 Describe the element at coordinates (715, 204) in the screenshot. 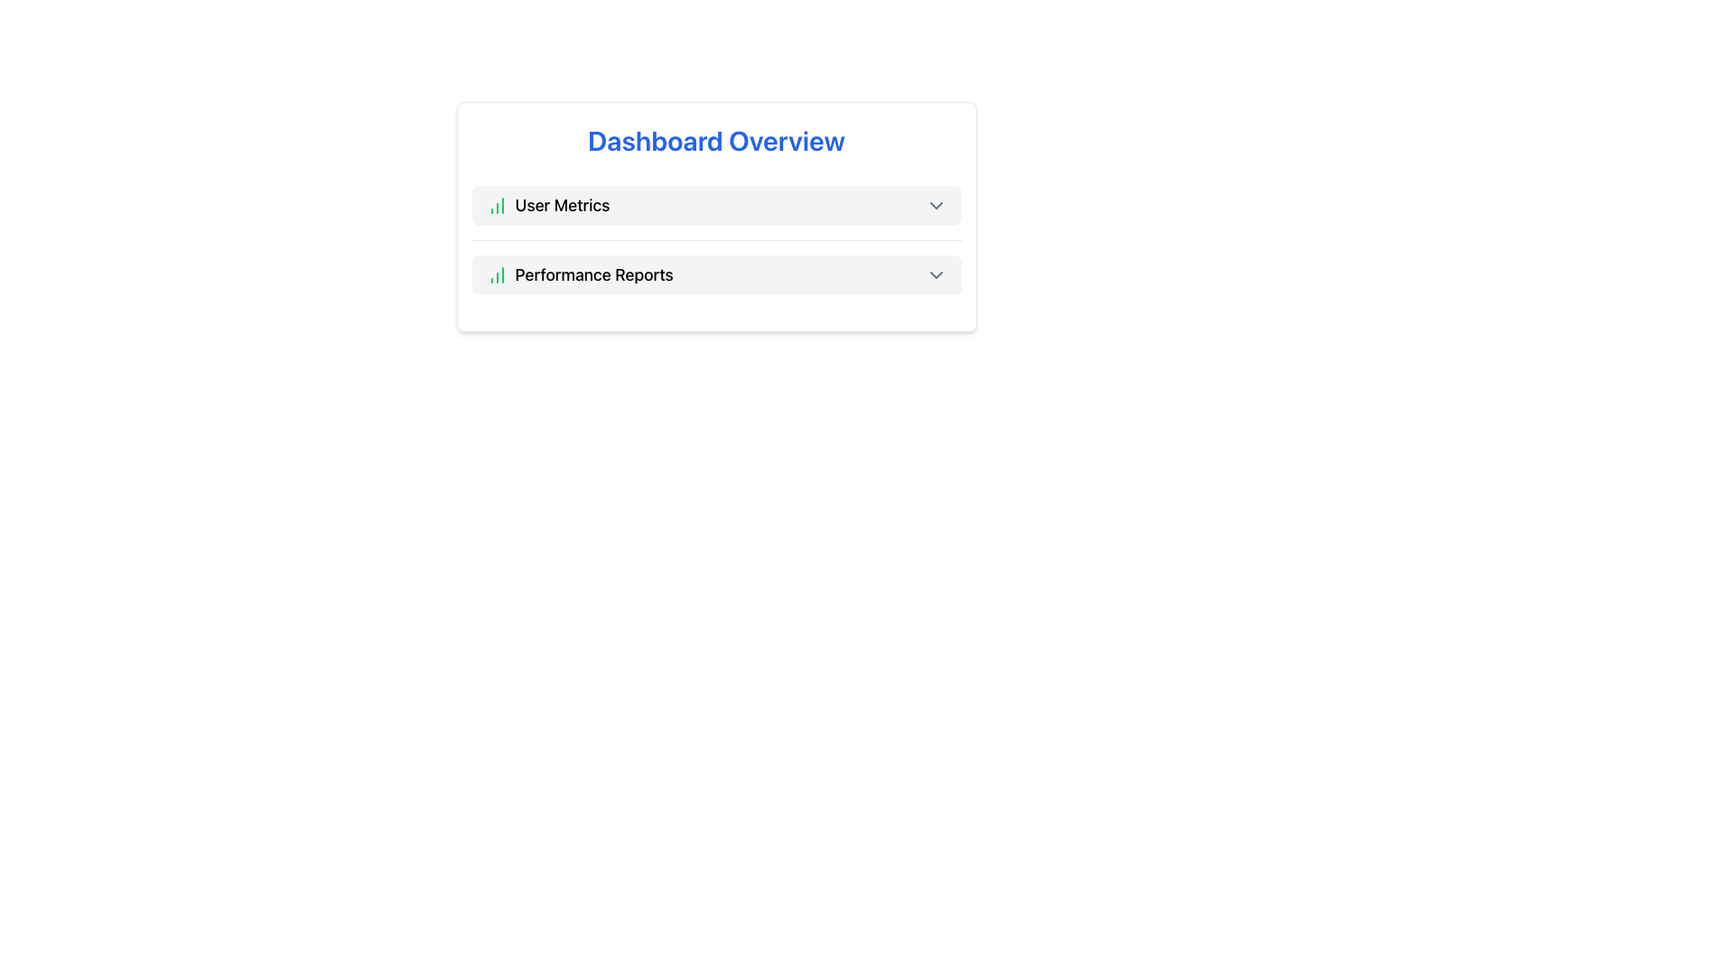

I see `the 'User Metrics' Collapsible Menu Item` at that location.